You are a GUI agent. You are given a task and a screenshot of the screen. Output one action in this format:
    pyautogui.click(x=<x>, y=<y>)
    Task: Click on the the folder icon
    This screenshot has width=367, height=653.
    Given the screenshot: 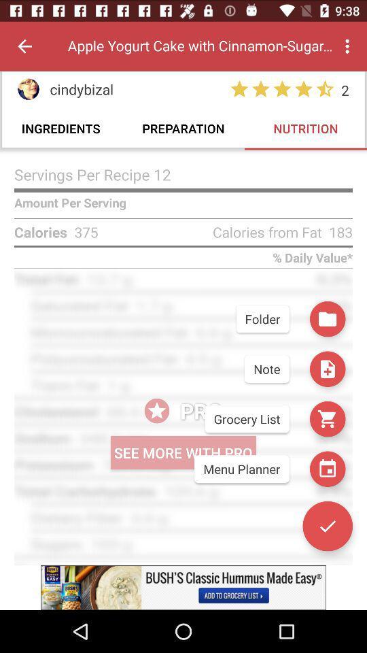 What is the action you would take?
    pyautogui.click(x=327, y=319)
    